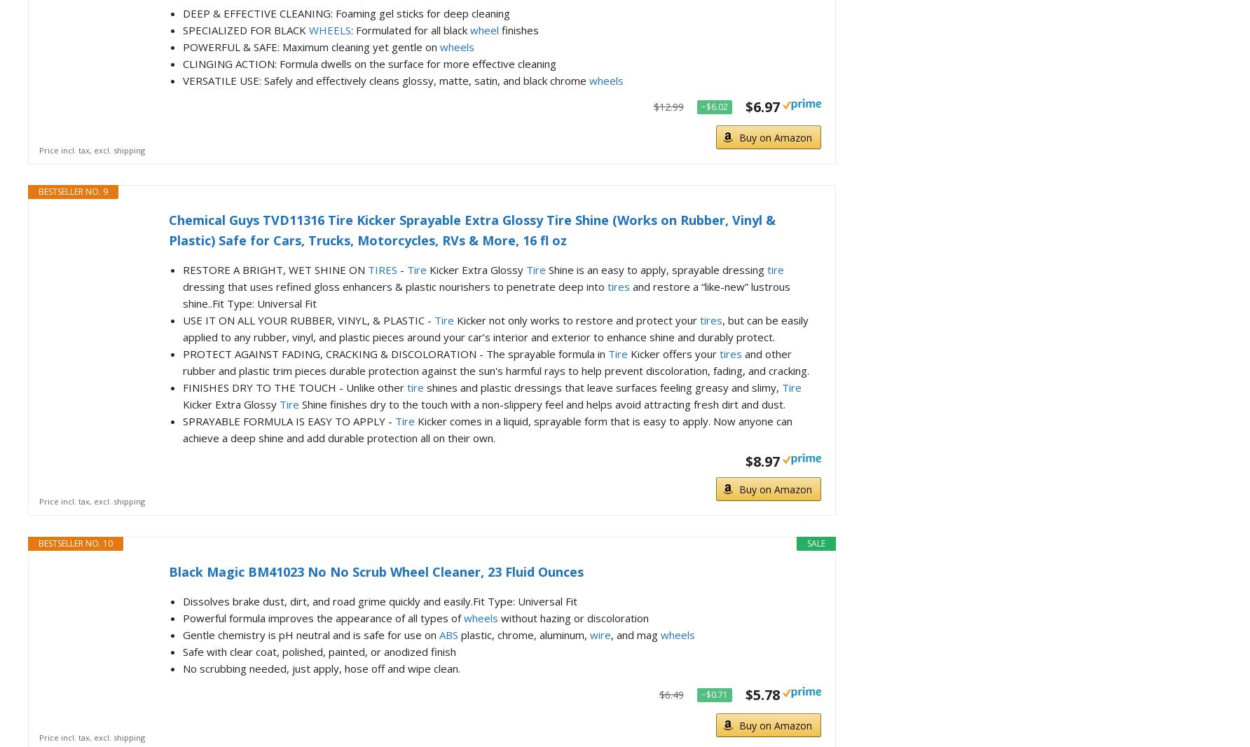  What do you see at coordinates (602, 385) in the screenshot?
I see `'shines and plastic dressings that leave surfaces feeling greasy and slimy,'` at bounding box center [602, 385].